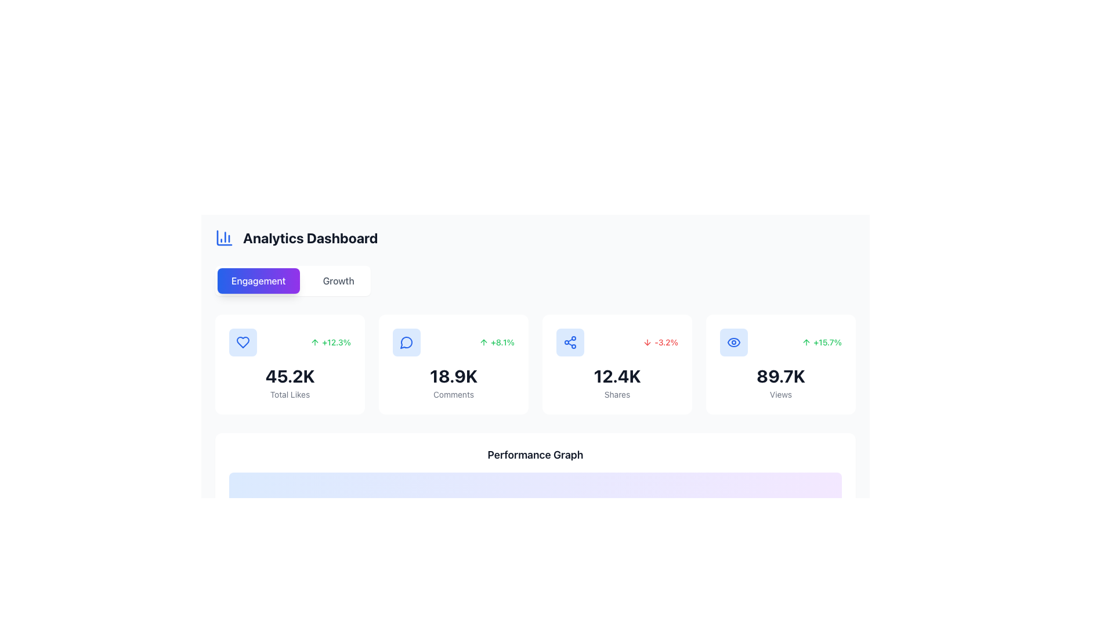 The height and width of the screenshot is (627, 1114). I want to click on the blue outlined eye-shaped icon with a circular pupil, located at the bottom right corner of the dashboard's metric card grid, so click(733, 342).